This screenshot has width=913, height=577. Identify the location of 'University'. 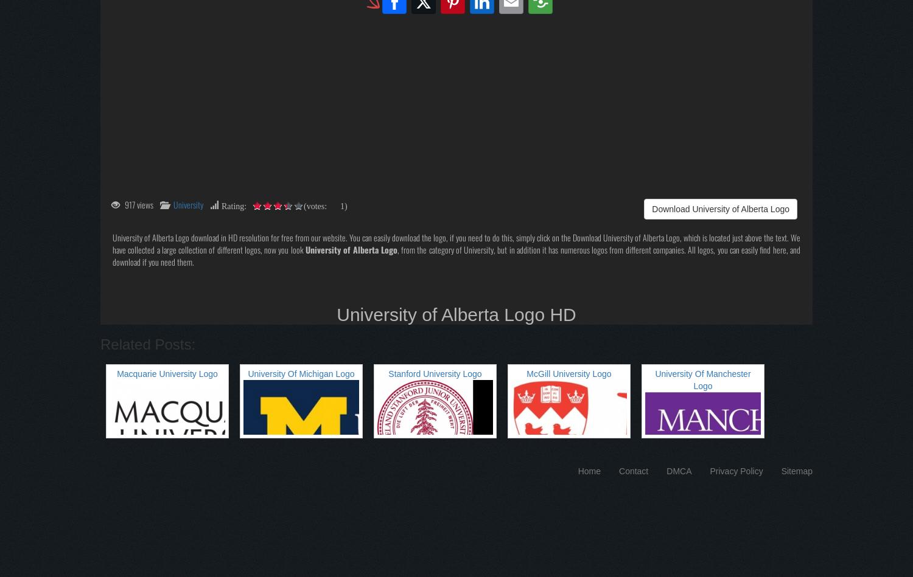
(188, 204).